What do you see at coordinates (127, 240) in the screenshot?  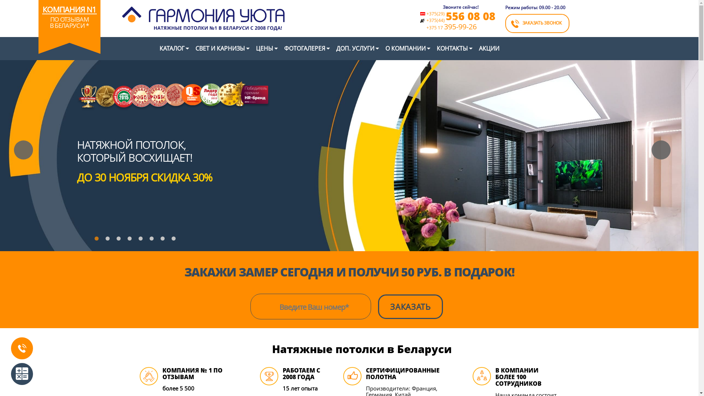 I see `'4'` at bounding box center [127, 240].